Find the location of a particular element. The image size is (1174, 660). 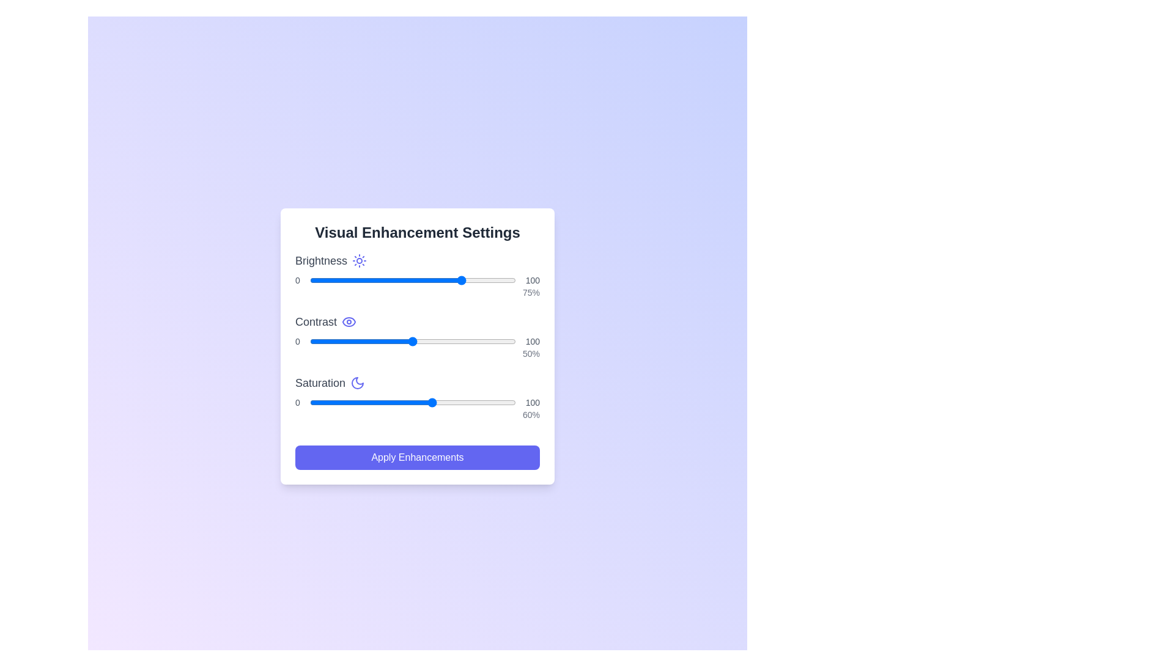

the saturation slider to 17% is located at coordinates (344, 403).